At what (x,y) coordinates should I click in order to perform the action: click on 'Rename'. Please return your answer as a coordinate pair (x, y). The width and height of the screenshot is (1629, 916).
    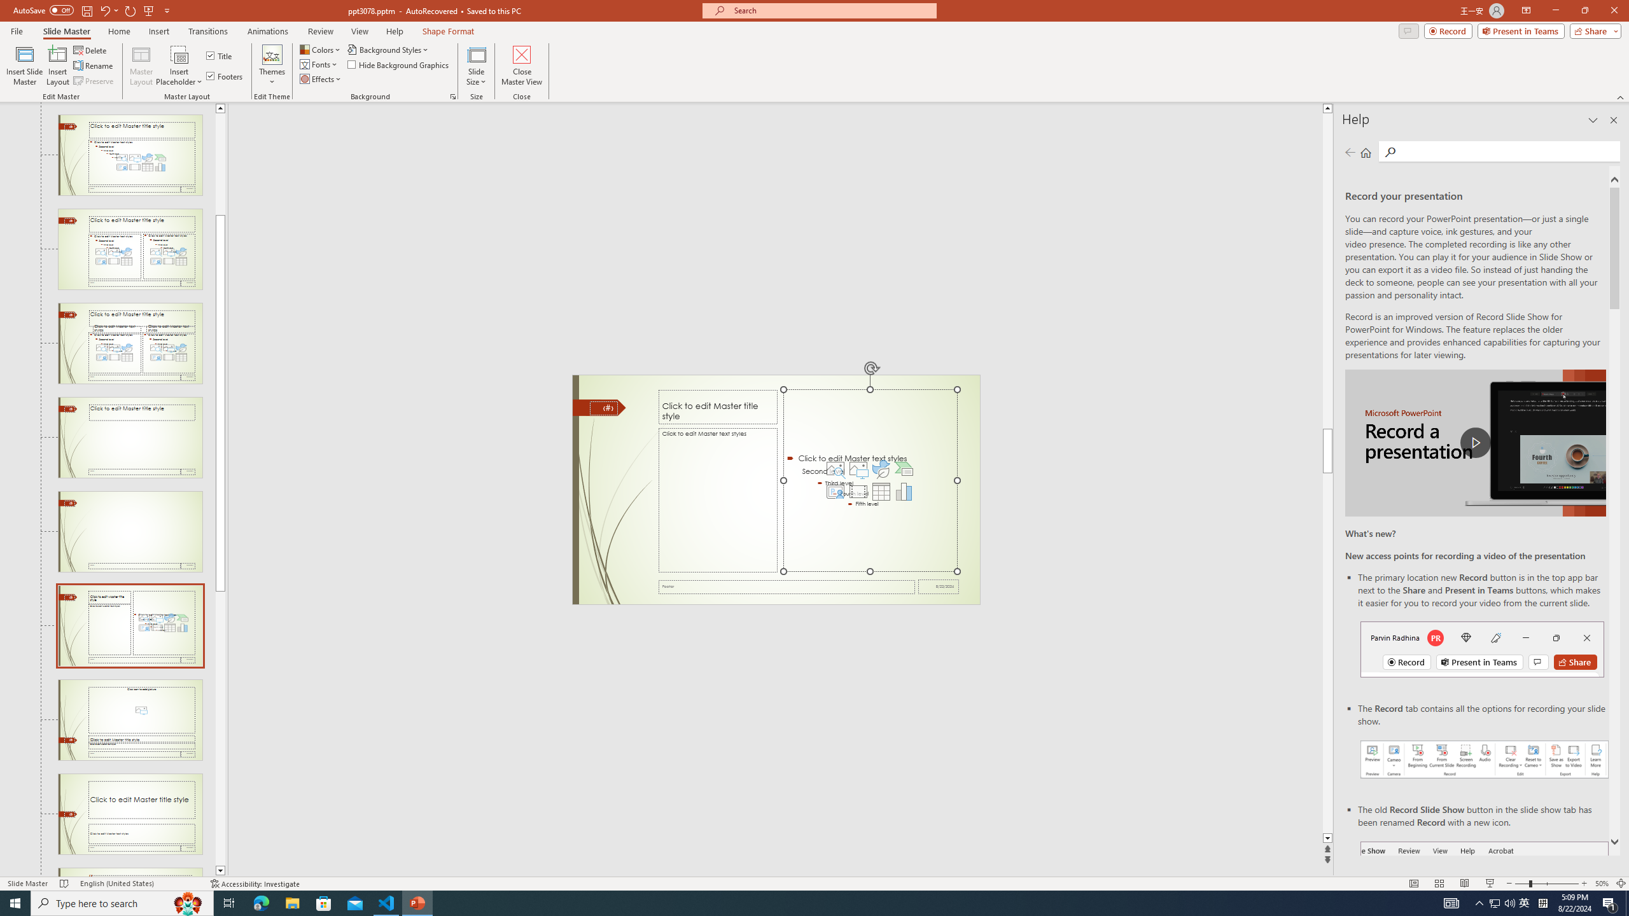
    Looking at the image, I should click on (94, 66).